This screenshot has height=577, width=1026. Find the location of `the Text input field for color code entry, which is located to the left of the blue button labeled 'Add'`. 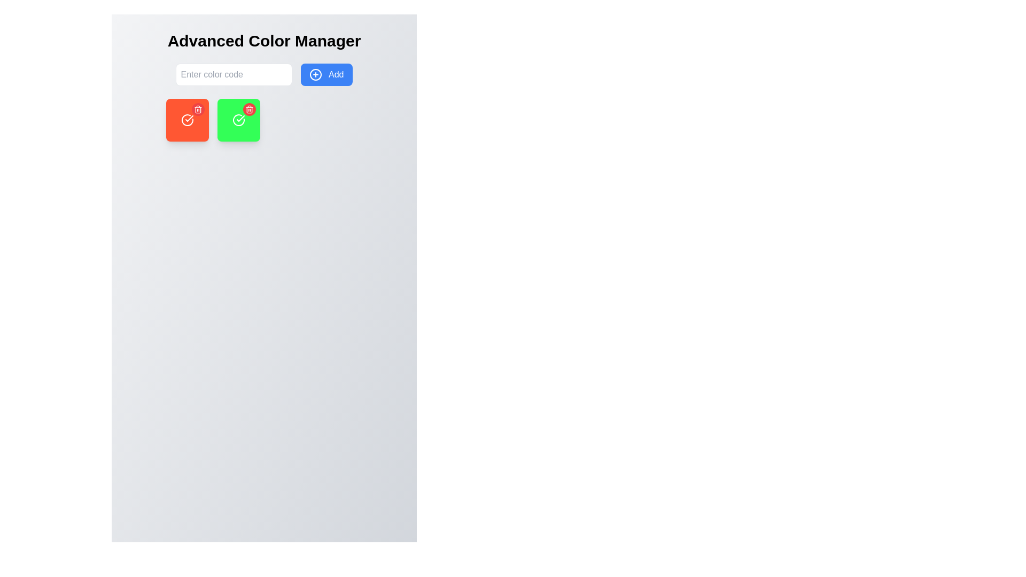

the Text input field for color code entry, which is located to the left of the blue button labeled 'Add' is located at coordinates (233, 74).